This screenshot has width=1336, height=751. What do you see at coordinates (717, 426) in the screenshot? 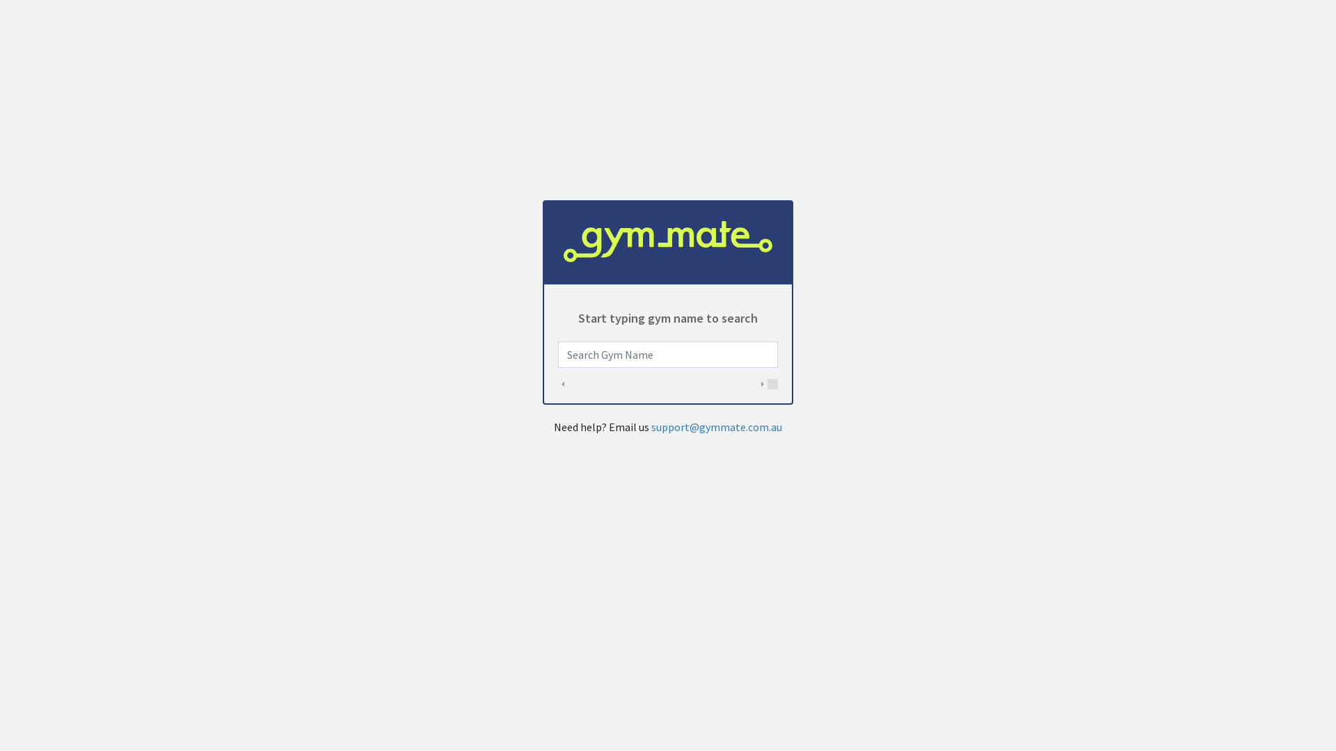
I see `'support@gymmate.com.au'` at bounding box center [717, 426].